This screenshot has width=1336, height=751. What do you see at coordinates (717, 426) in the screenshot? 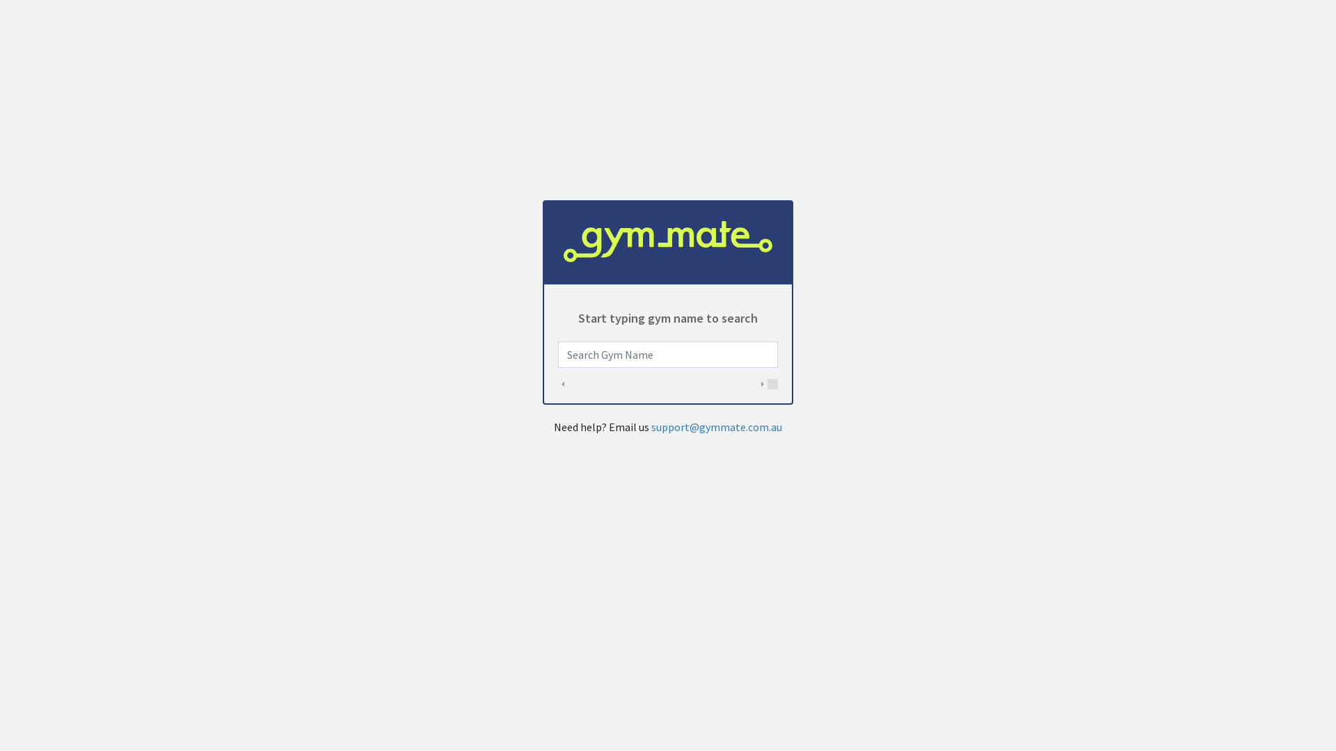
I see `'support@gymmate.com.au'` at bounding box center [717, 426].